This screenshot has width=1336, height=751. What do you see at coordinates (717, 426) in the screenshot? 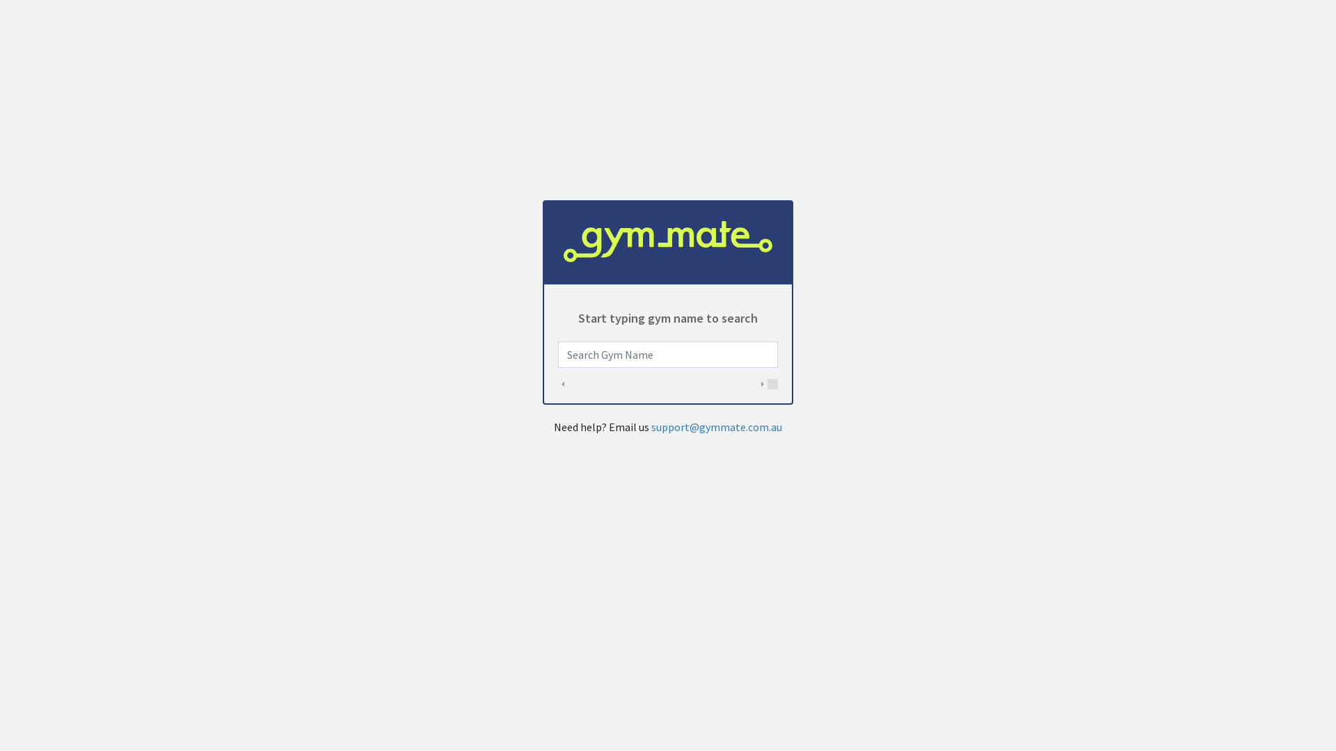
I see `'support@gymmate.com.au'` at bounding box center [717, 426].